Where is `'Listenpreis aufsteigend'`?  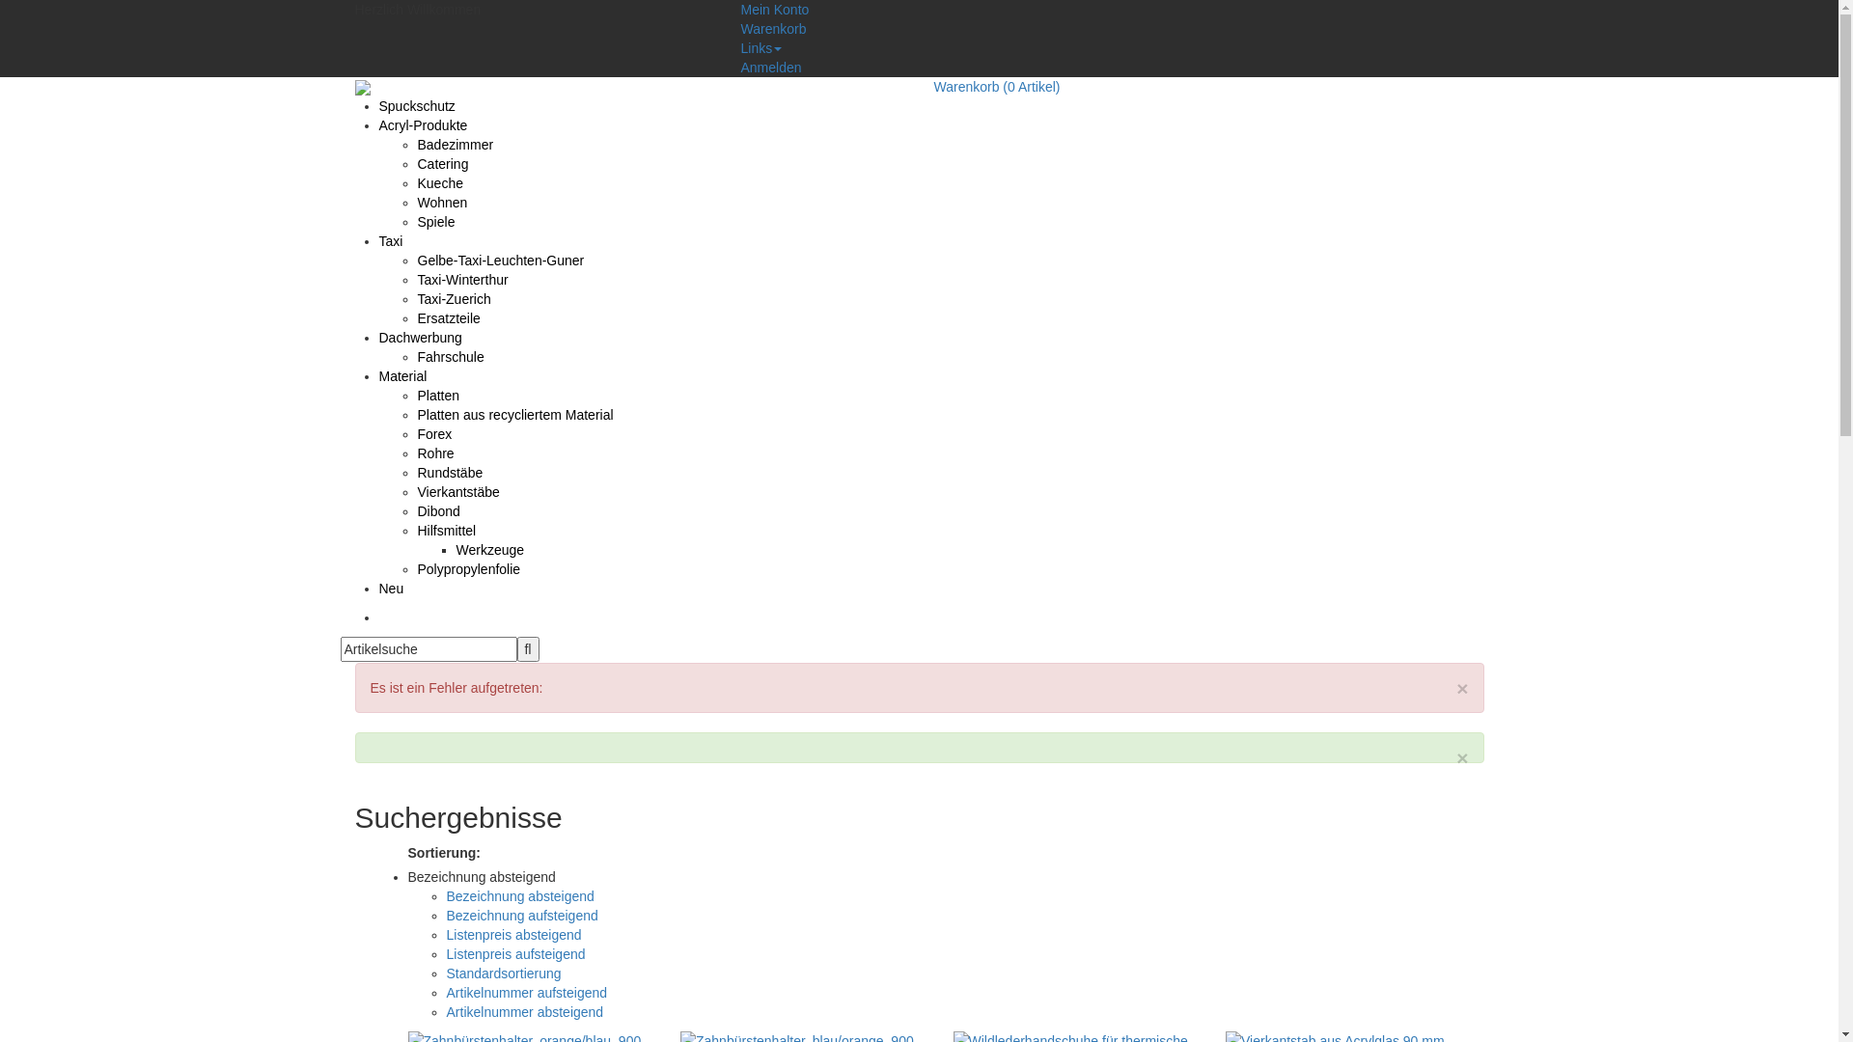
'Listenpreis aufsteigend' is located at coordinates (514, 952).